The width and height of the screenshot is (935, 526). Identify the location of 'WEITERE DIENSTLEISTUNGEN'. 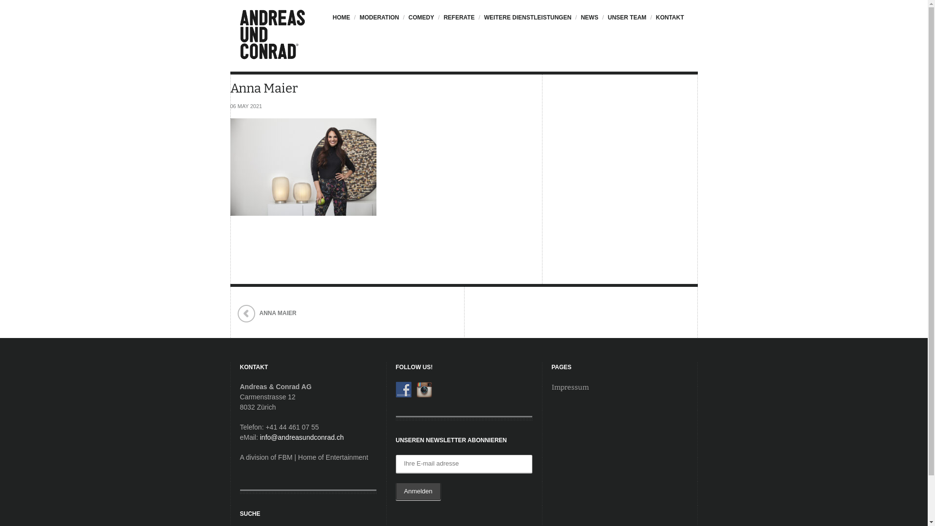
(526, 22).